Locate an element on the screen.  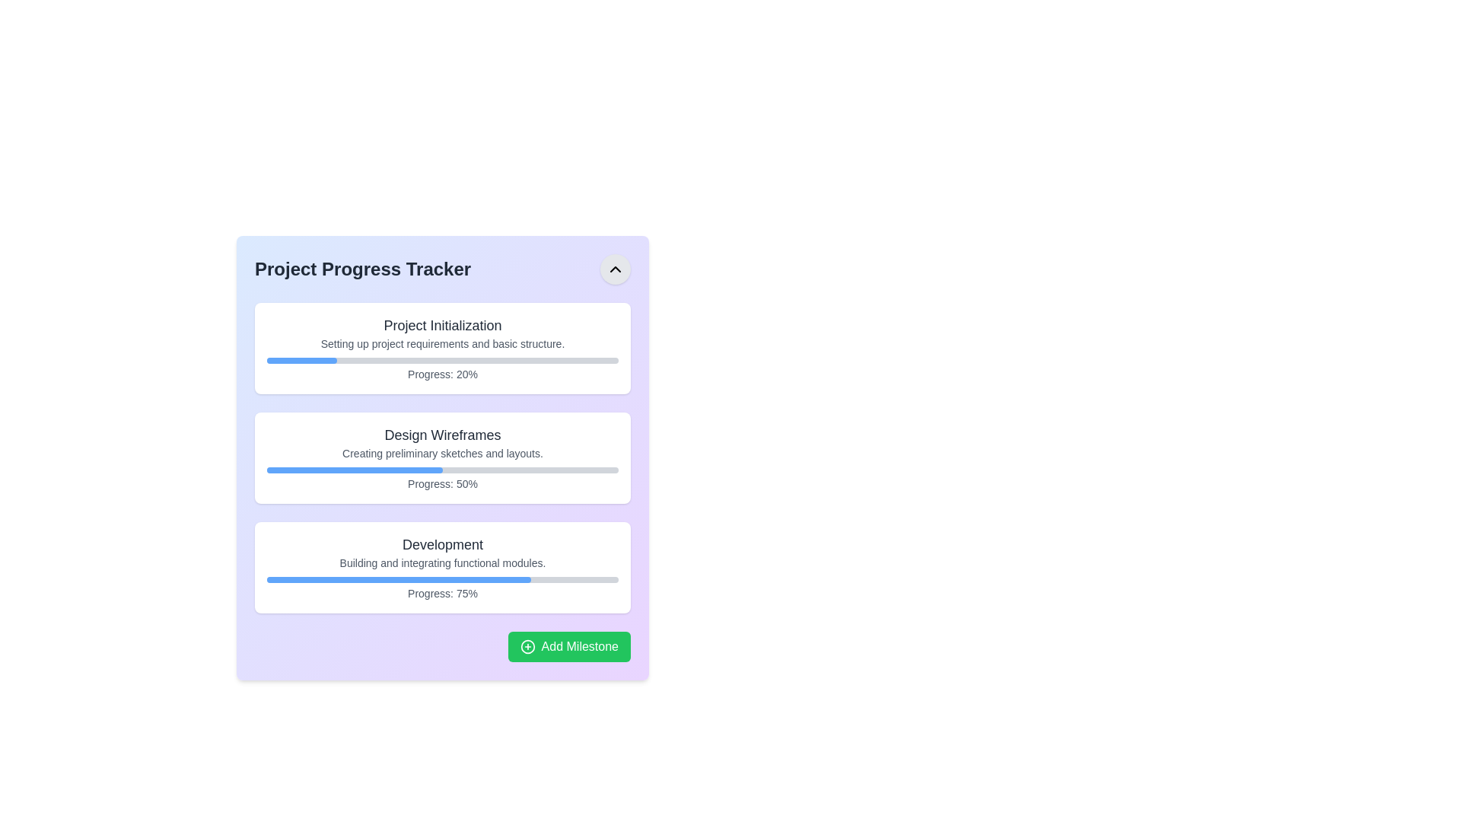
the progress bar that visually represents the progress of the 'Development' task, indicating that 75% of the task has been completed is located at coordinates (441, 580).